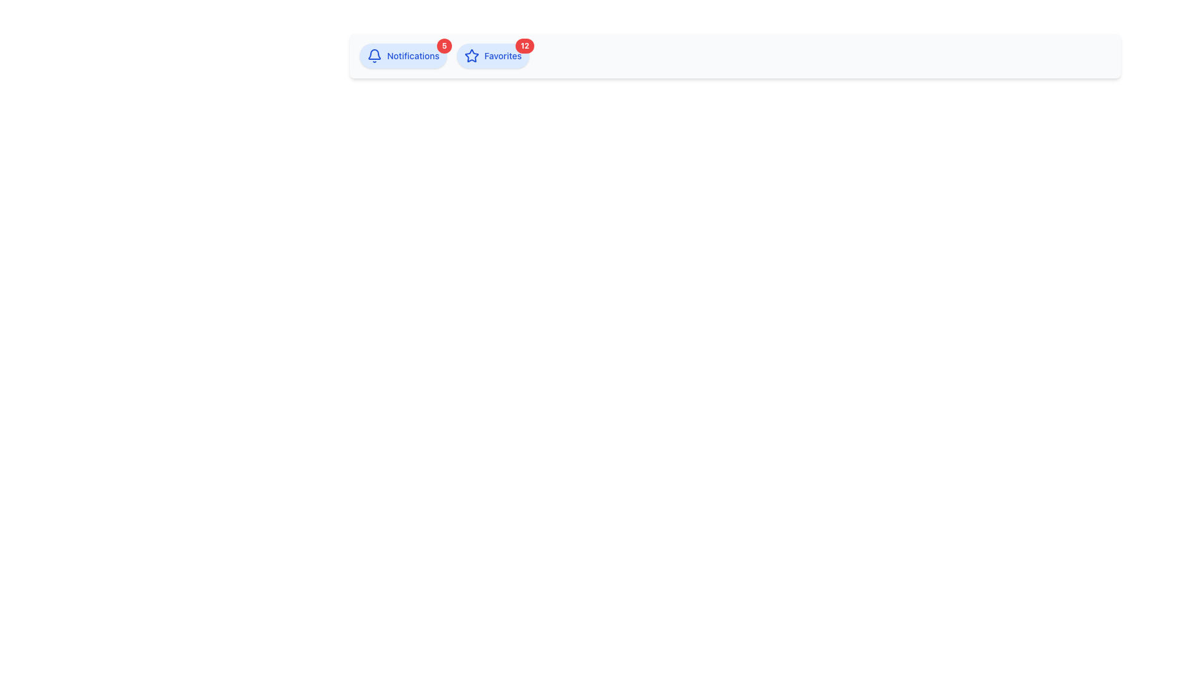  Describe the element at coordinates (373, 55) in the screenshot. I see `the bell icon located to the left of the 'Notifications' text with a red badge indicating 5 new alerts` at that location.